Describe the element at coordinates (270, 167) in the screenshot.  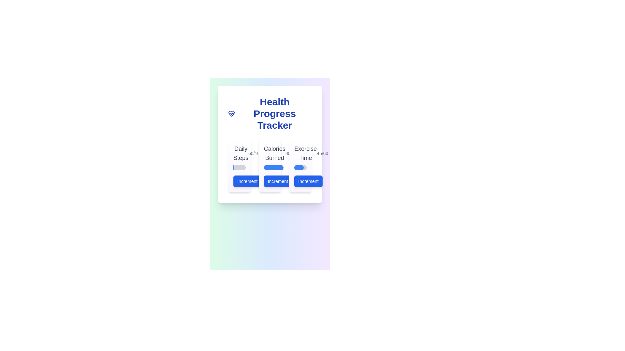
I see `the progress bar with a gray background and blue overlay, located within the 'Calories Burned' card, situated below the text 'Calories Burned' and above the 'Increment' button` at that location.